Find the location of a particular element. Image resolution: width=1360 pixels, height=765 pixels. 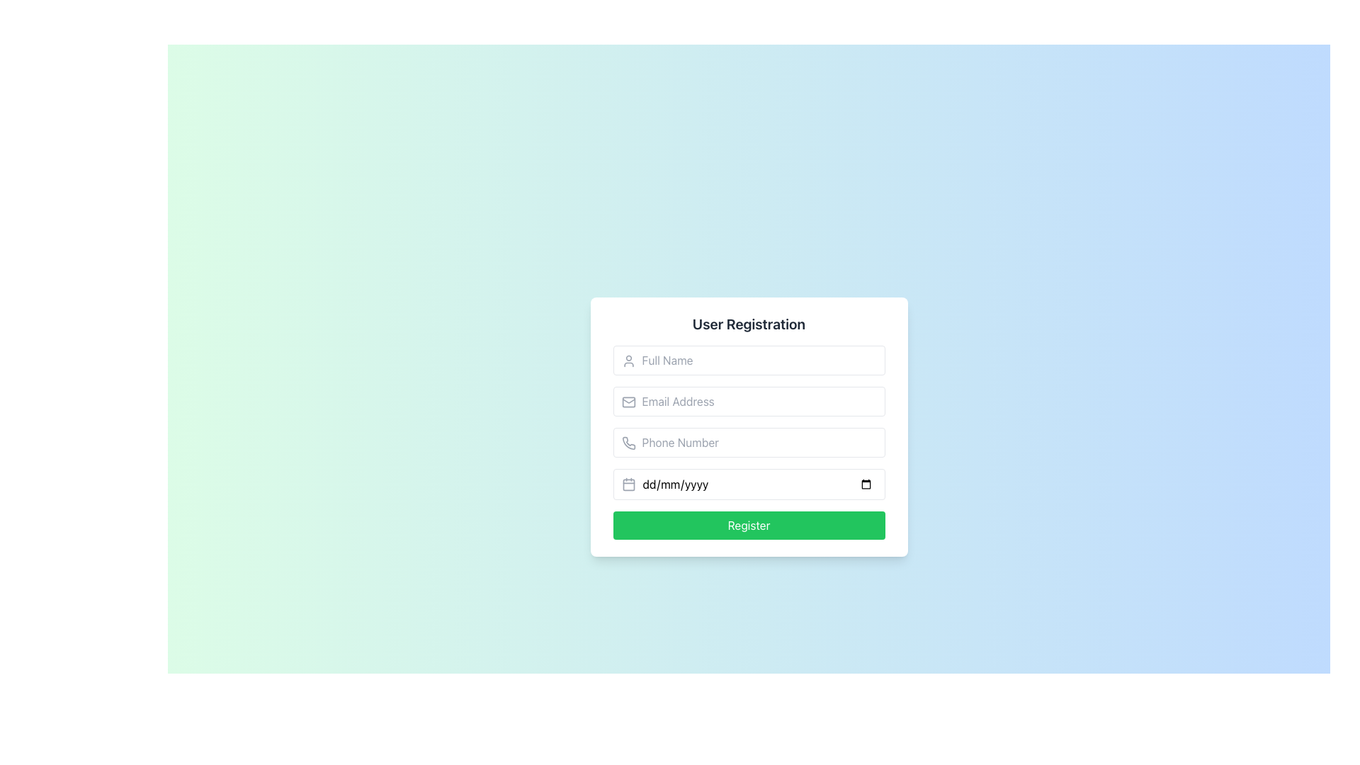

the phone icon, which is a simple line art style receiver positioned to the left of the 'Phone Number' text input in the third row of the user registration form is located at coordinates (628, 442).